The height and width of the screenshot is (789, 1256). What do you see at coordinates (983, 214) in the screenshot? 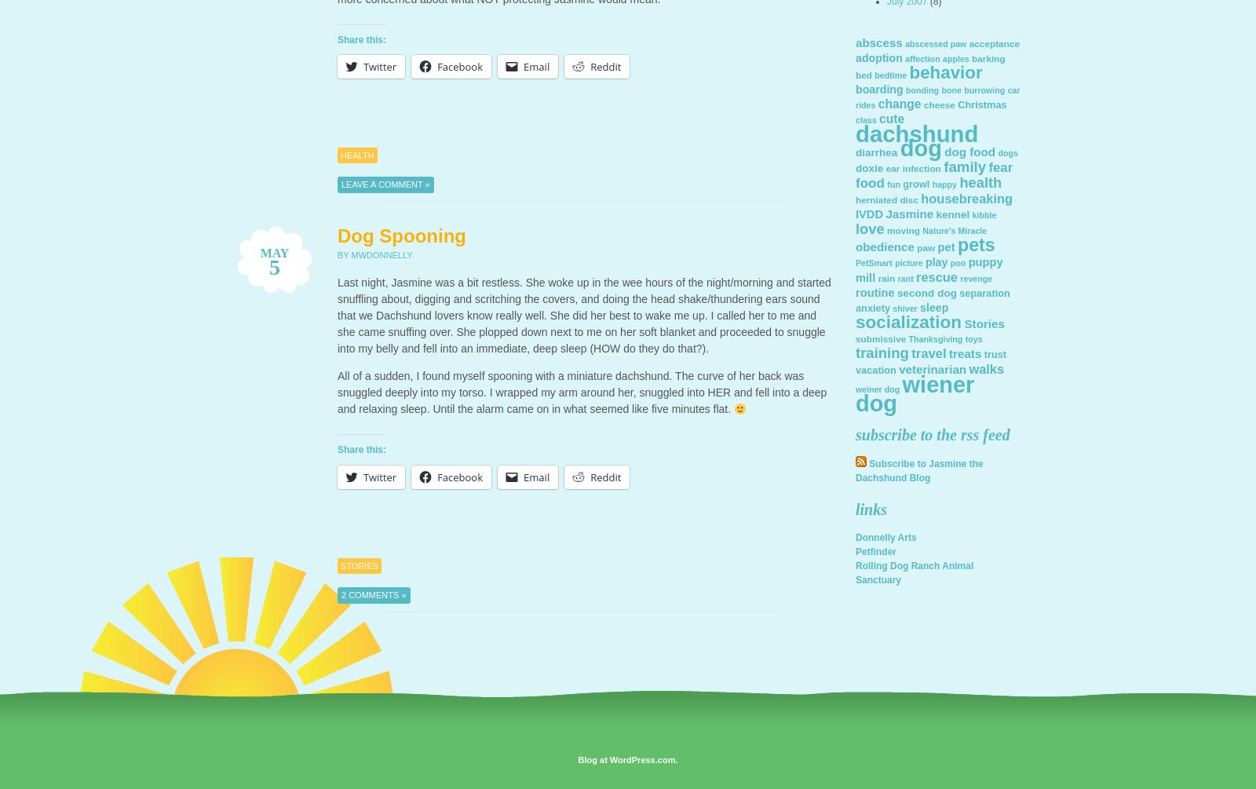
I see `'kibble'` at bounding box center [983, 214].